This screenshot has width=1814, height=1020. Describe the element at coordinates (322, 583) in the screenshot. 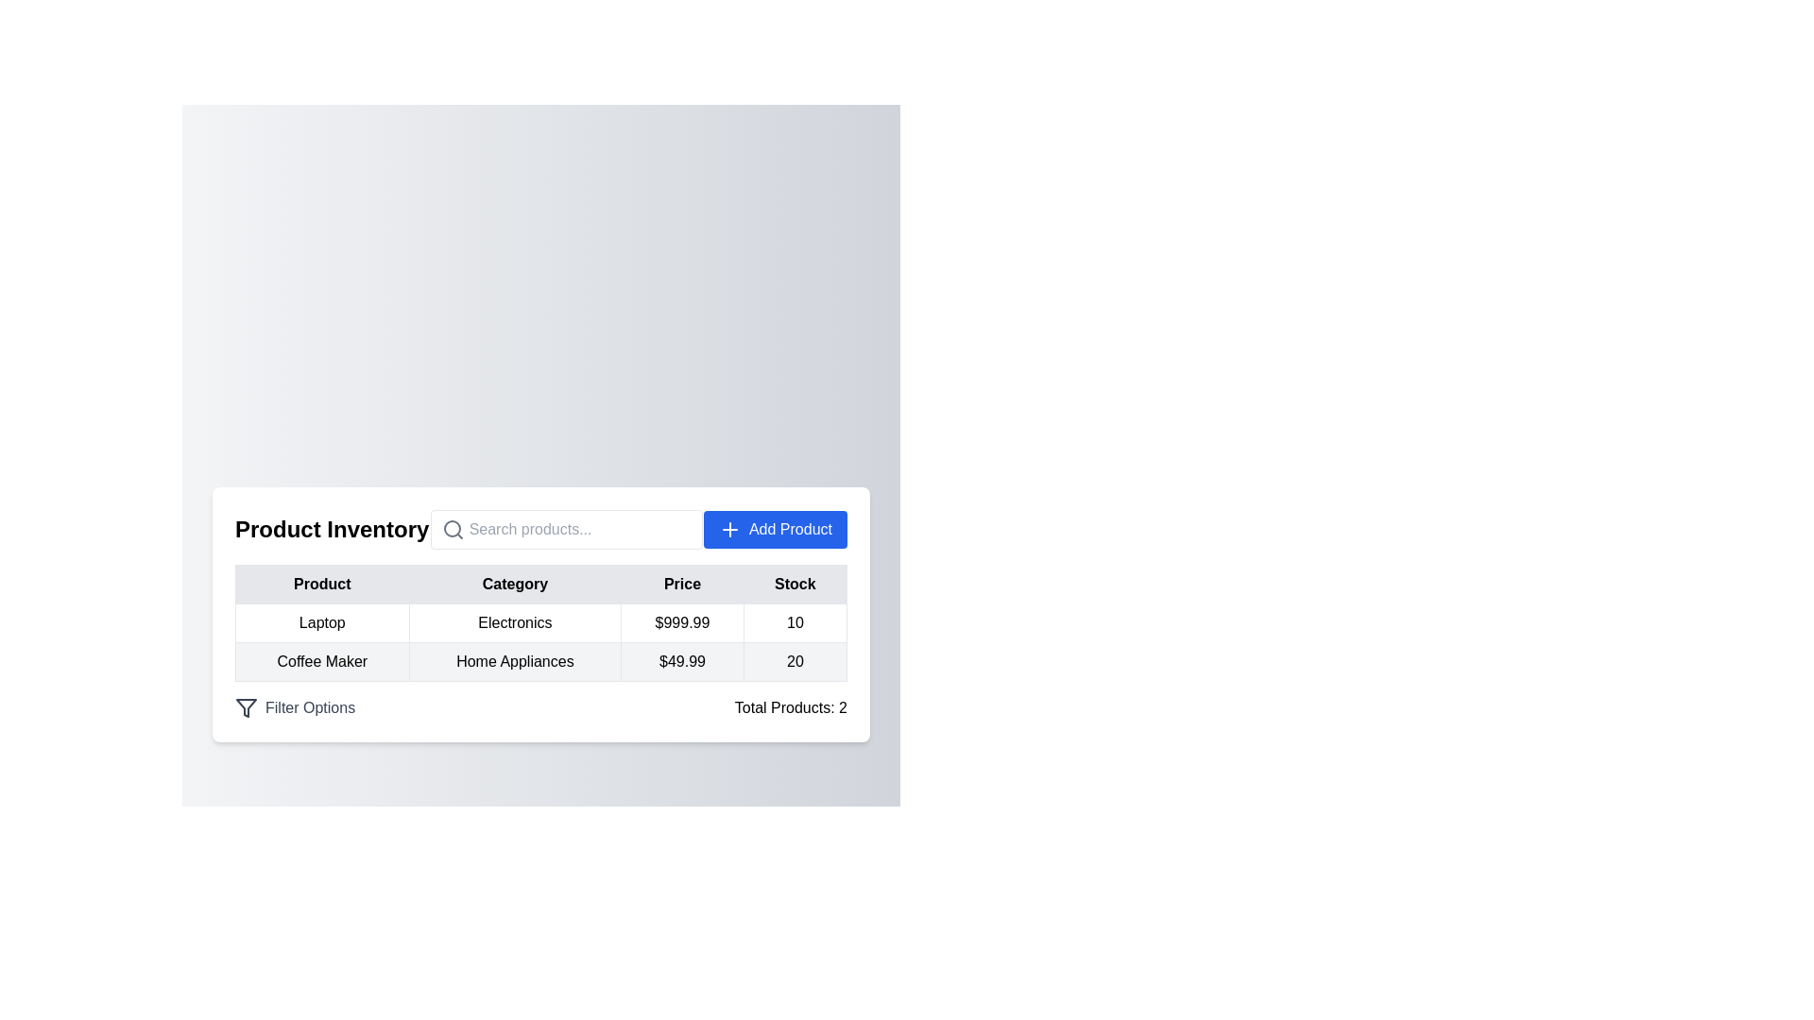

I see `the table header that indicates the product data in the first column, located at the top-left corner of the table` at that location.